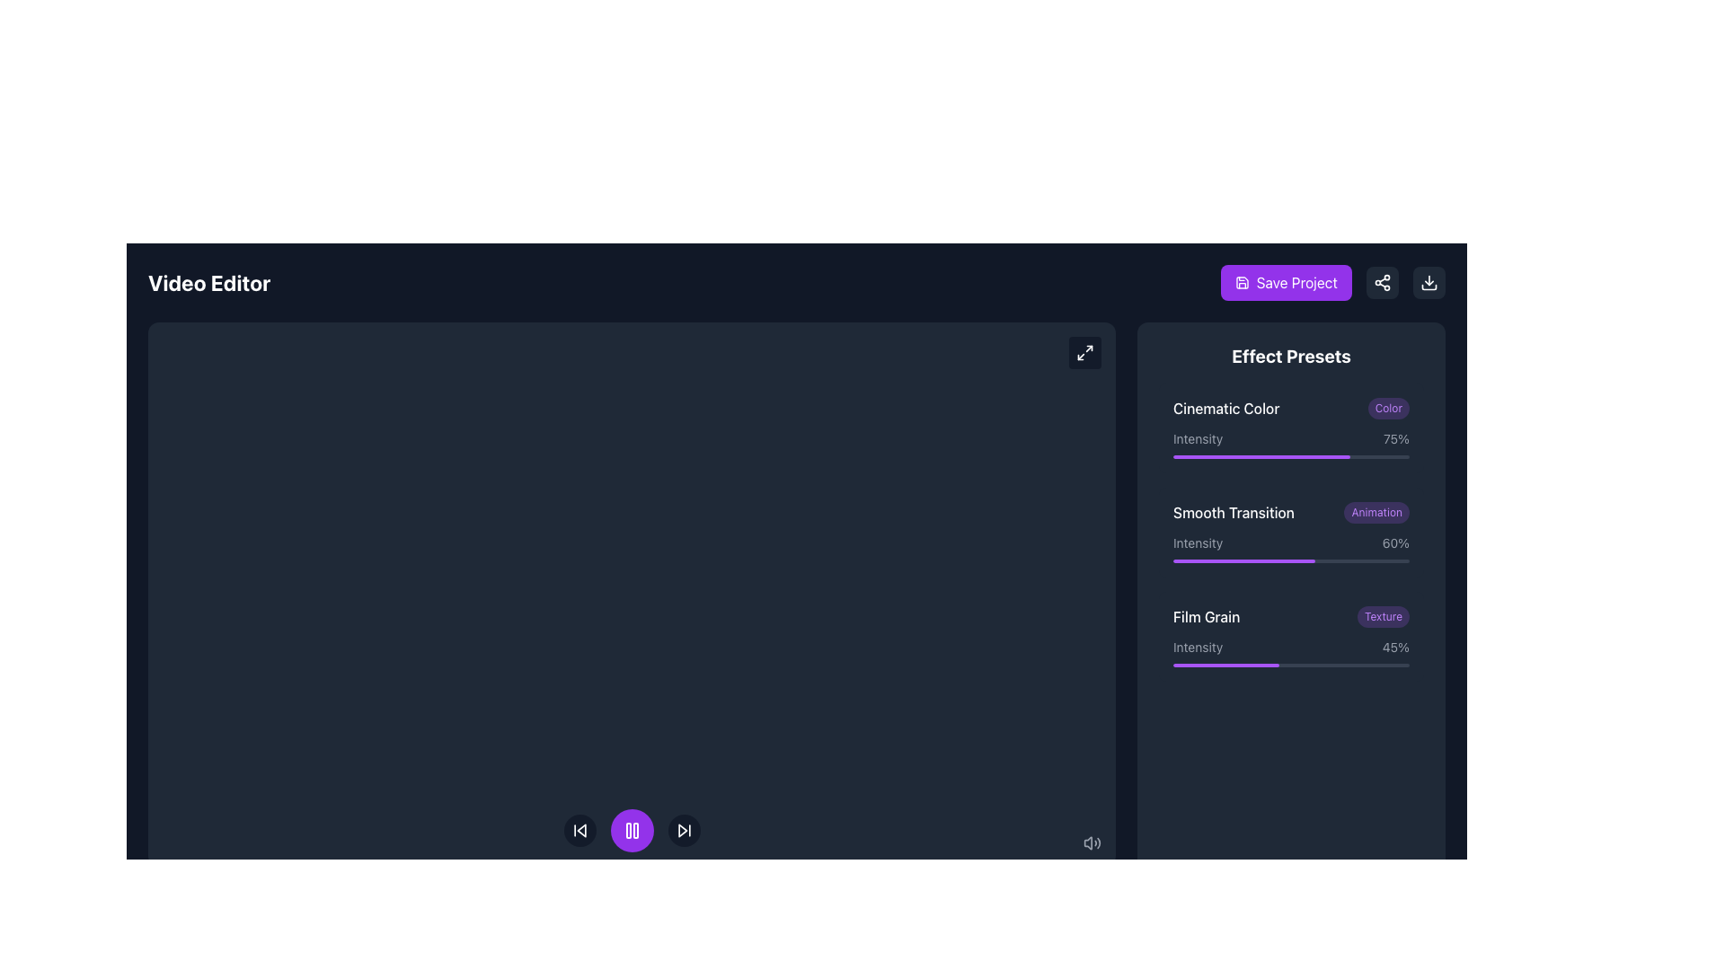 The image size is (1725, 970). I want to click on the circular skip-forward button located at the rightmost side of the control bar, adjacent to the purple play/pause button, so click(683, 830).